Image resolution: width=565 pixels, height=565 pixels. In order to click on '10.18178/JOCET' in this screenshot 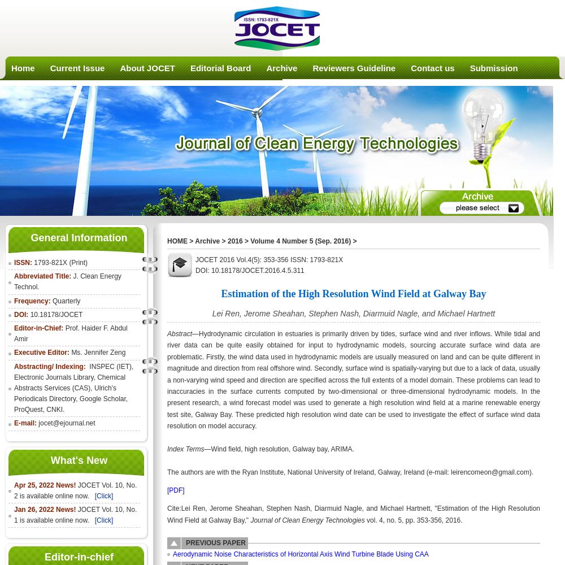, I will do `click(55, 314)`.